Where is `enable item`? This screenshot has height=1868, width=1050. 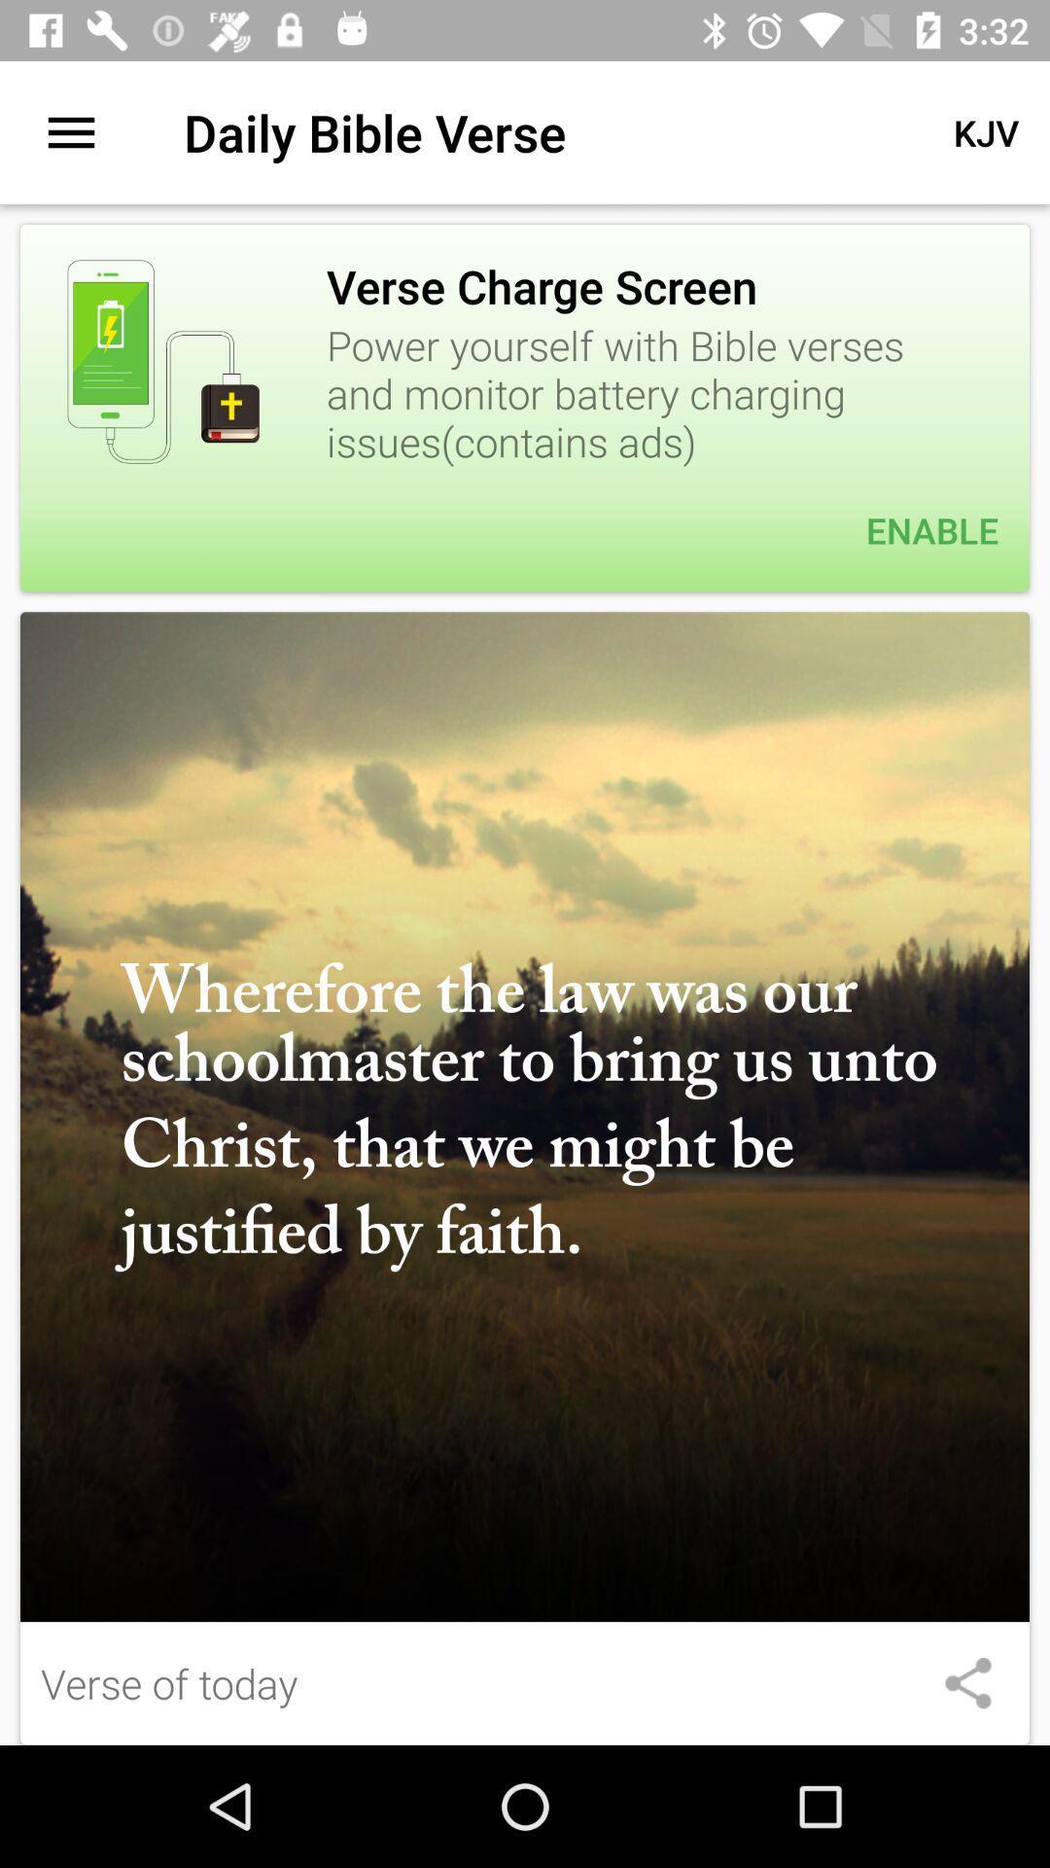 enable item is located at coordinates (525, 530).